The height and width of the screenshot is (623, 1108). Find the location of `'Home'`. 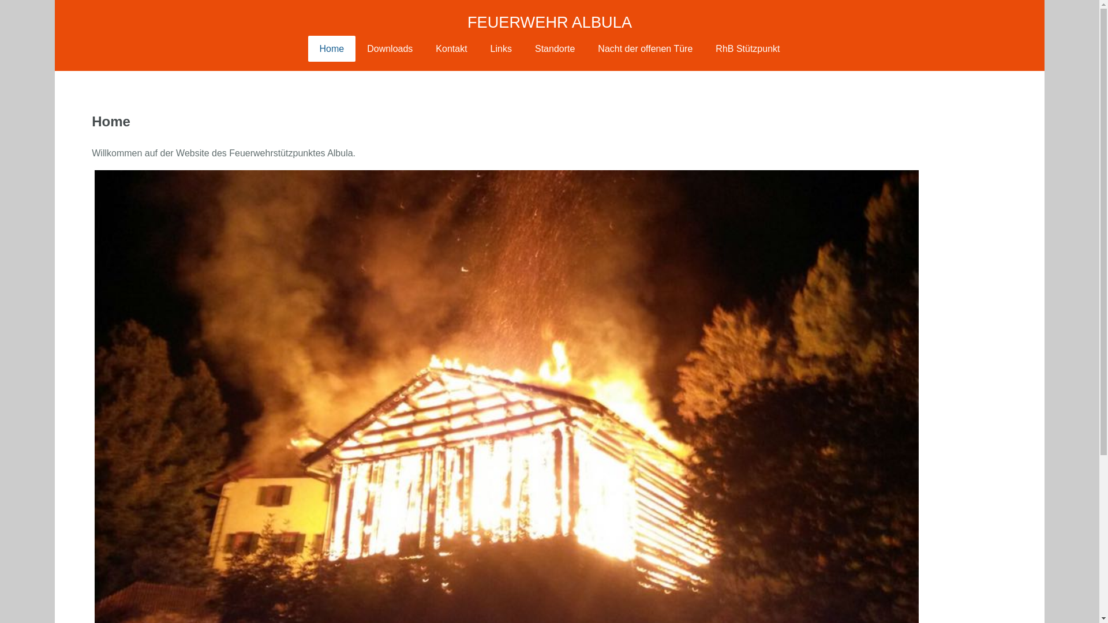

'Home' is located at coordinates (331, 48).